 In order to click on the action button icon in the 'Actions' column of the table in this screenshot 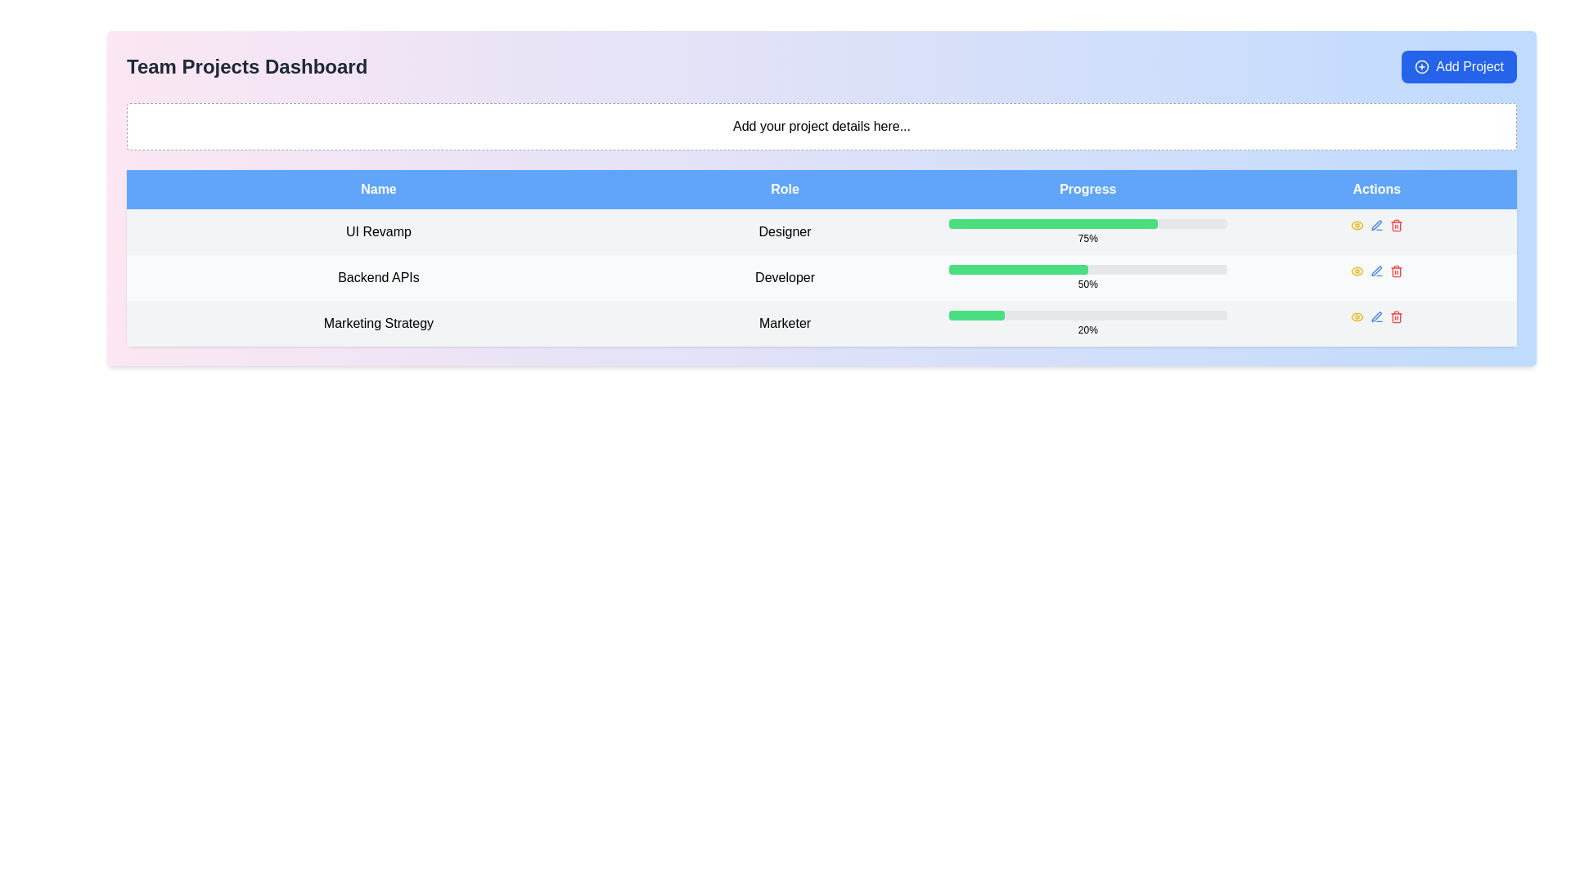, I will do `click(1357, 226)`.